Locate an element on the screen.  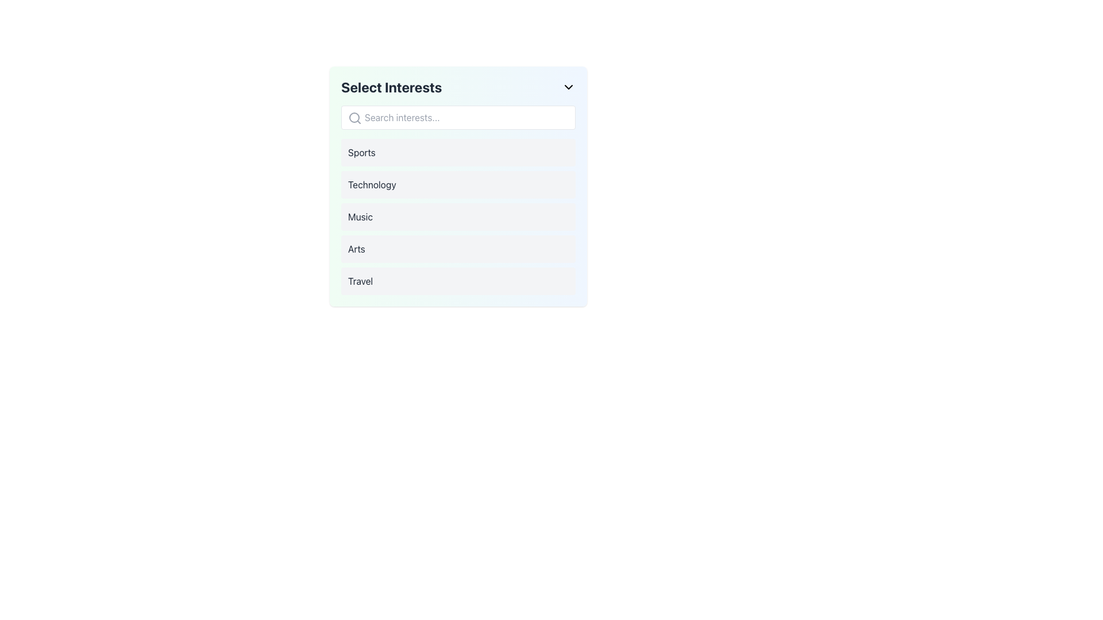
the topmost selectable category 'Sports' in the interest selection menu is located at coordinates (457, 152).